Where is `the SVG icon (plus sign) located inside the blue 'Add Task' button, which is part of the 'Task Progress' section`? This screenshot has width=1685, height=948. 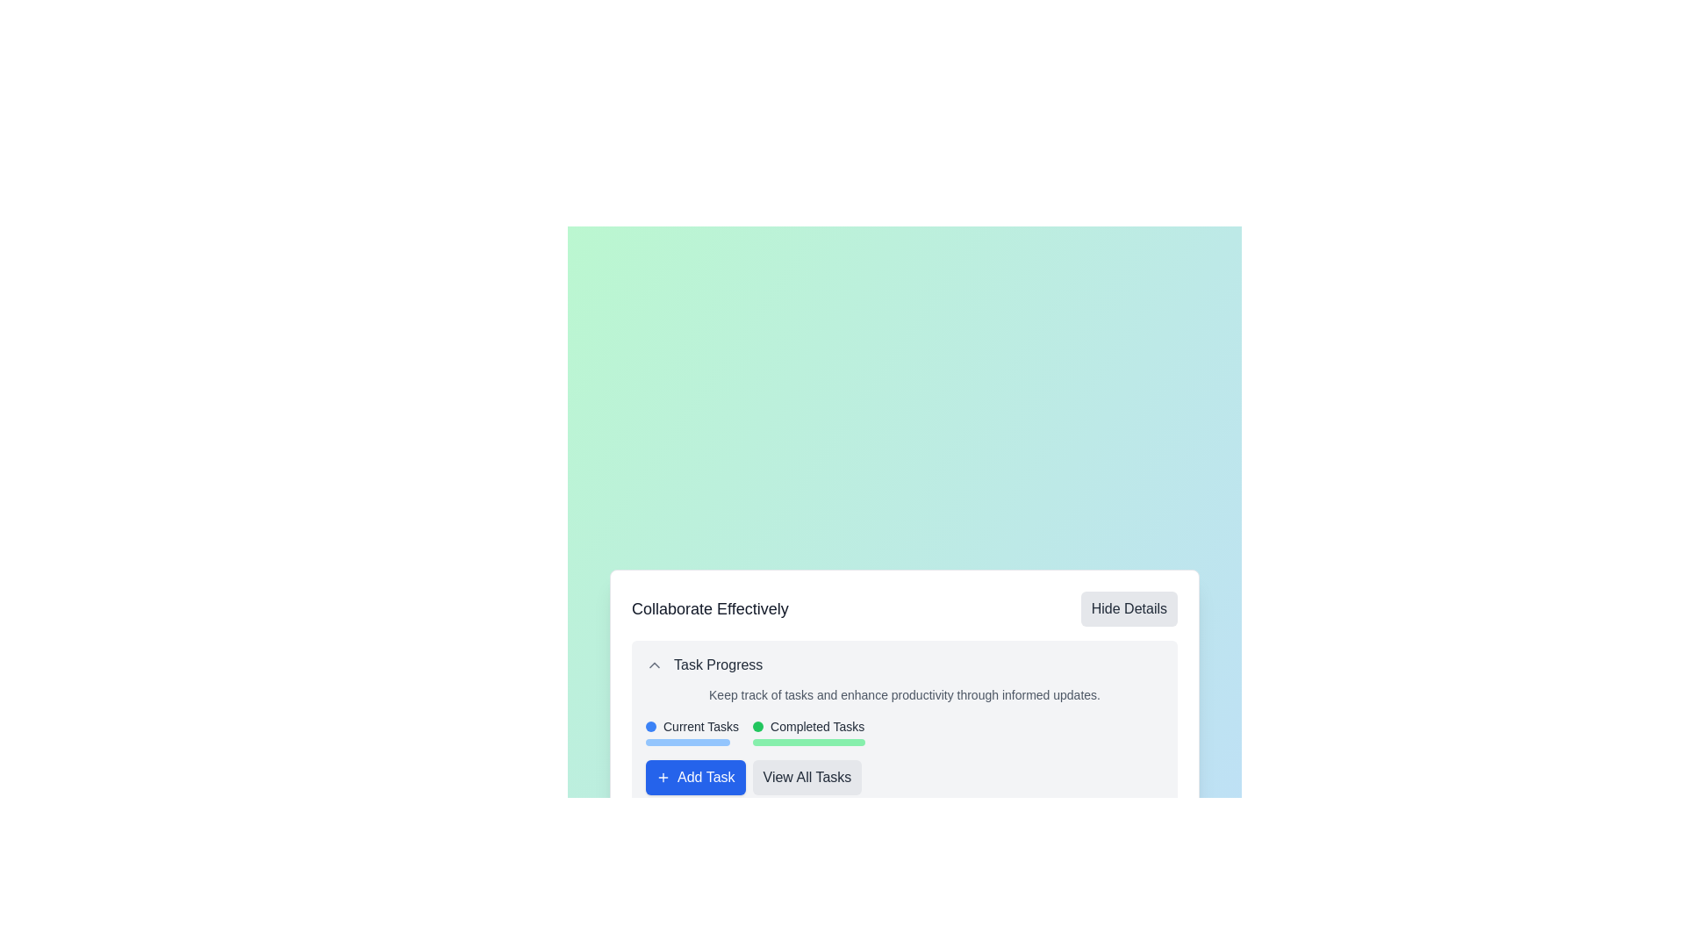 the SVG icon (plus sign) located inside the blue 'Add Task' button, which is part of the 'Task Progress' section is located at coordinates (662, 777).